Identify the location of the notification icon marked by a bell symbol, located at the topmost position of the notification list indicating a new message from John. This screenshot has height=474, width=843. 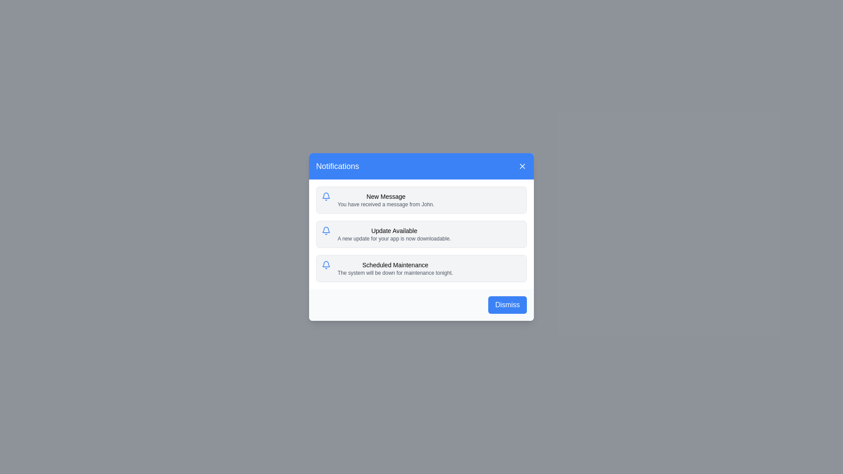
(326, 196).